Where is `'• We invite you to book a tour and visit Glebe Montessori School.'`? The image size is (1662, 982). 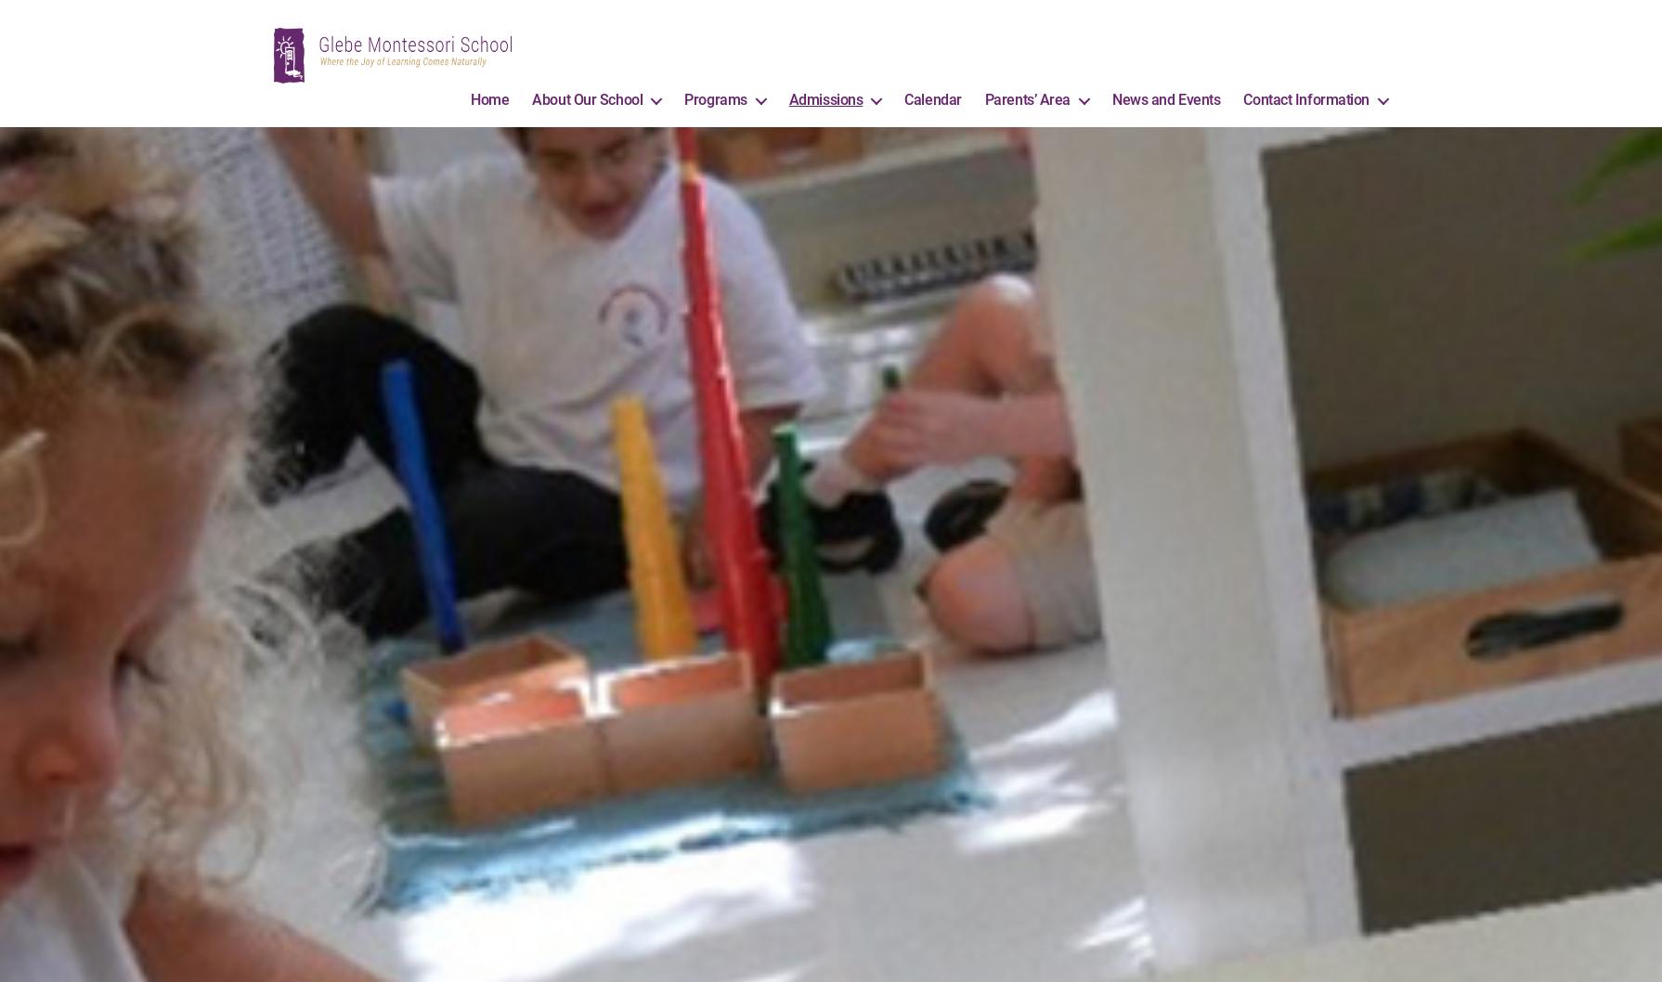 '• We invite you to book a tour and visit Glebe Montessori School.' is located at coordinates (828, 16).